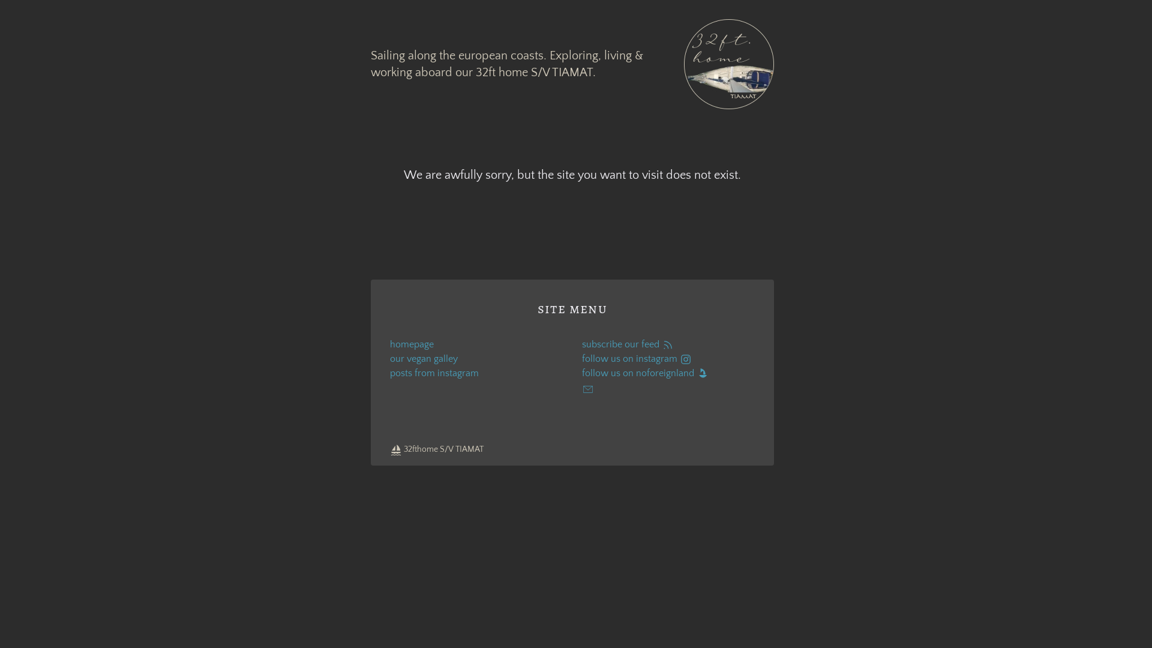 Image resolution: width=1152 pixels, height=648 pixels. I want to click on '32fthome S/V TIAMAT', so click(436, 449).